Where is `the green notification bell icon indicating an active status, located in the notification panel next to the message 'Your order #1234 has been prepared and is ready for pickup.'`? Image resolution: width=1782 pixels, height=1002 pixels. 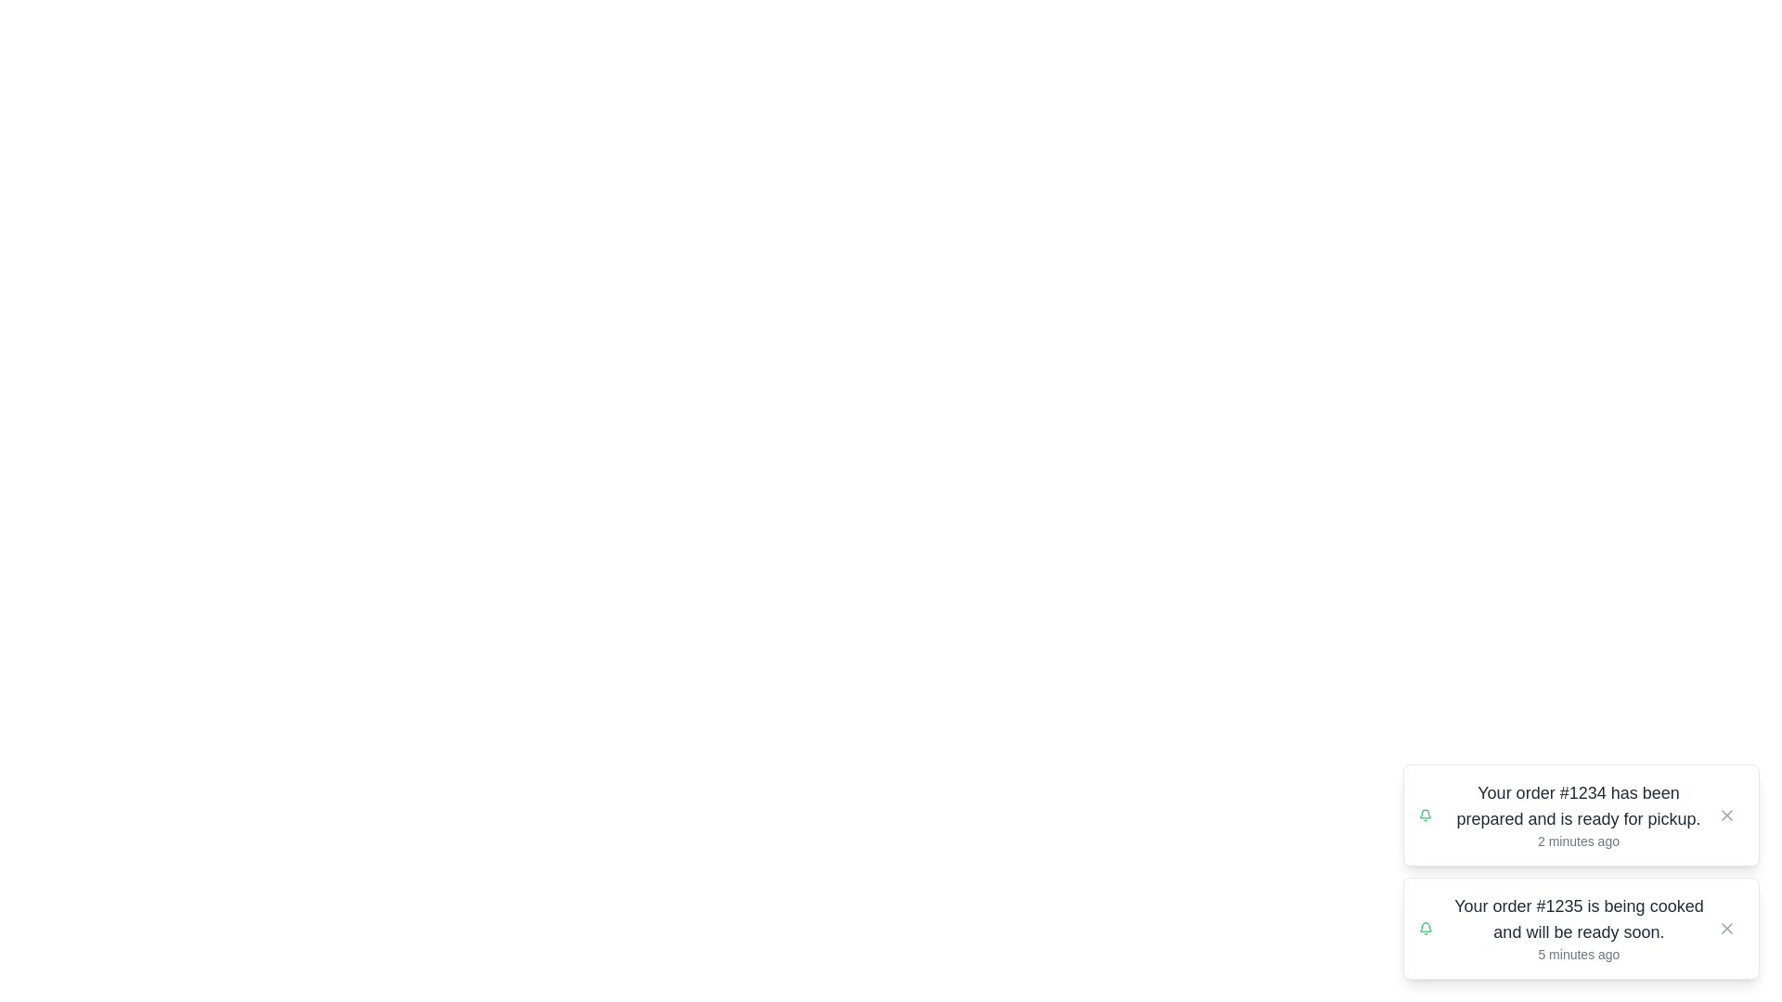 the green notification bell icon indicating an active status, located in the notification panel next to the message 'Your order #1234 has been prepared and is ready for pickup.' is located at coordinates (1425, 815).